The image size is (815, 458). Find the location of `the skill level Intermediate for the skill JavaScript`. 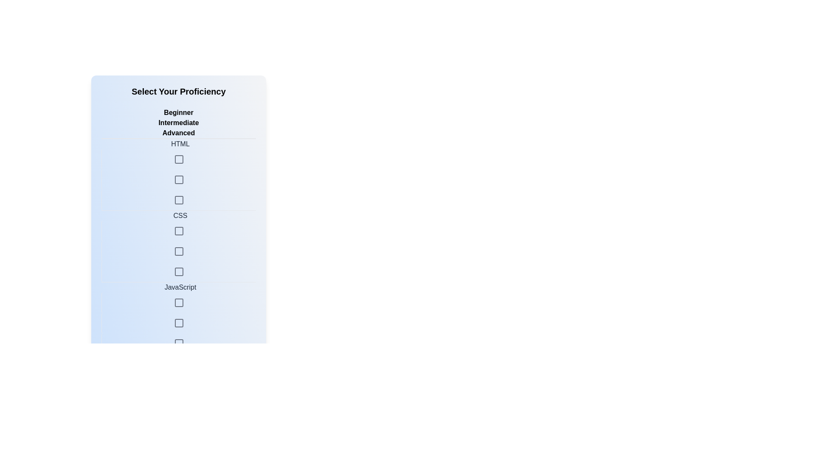

the skill level Intermediate for the skill JavaScript is located at coordinates (178, 302).